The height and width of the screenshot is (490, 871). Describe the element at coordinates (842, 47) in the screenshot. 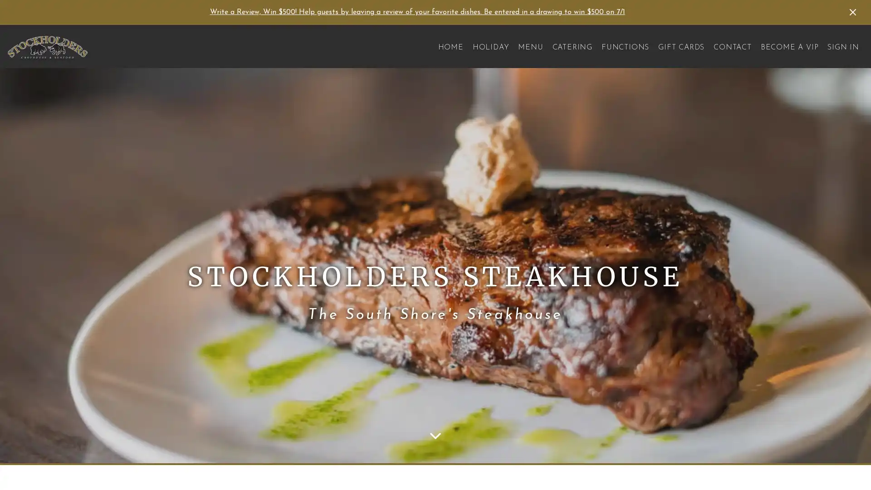

I see `SIGN IN` at that location.